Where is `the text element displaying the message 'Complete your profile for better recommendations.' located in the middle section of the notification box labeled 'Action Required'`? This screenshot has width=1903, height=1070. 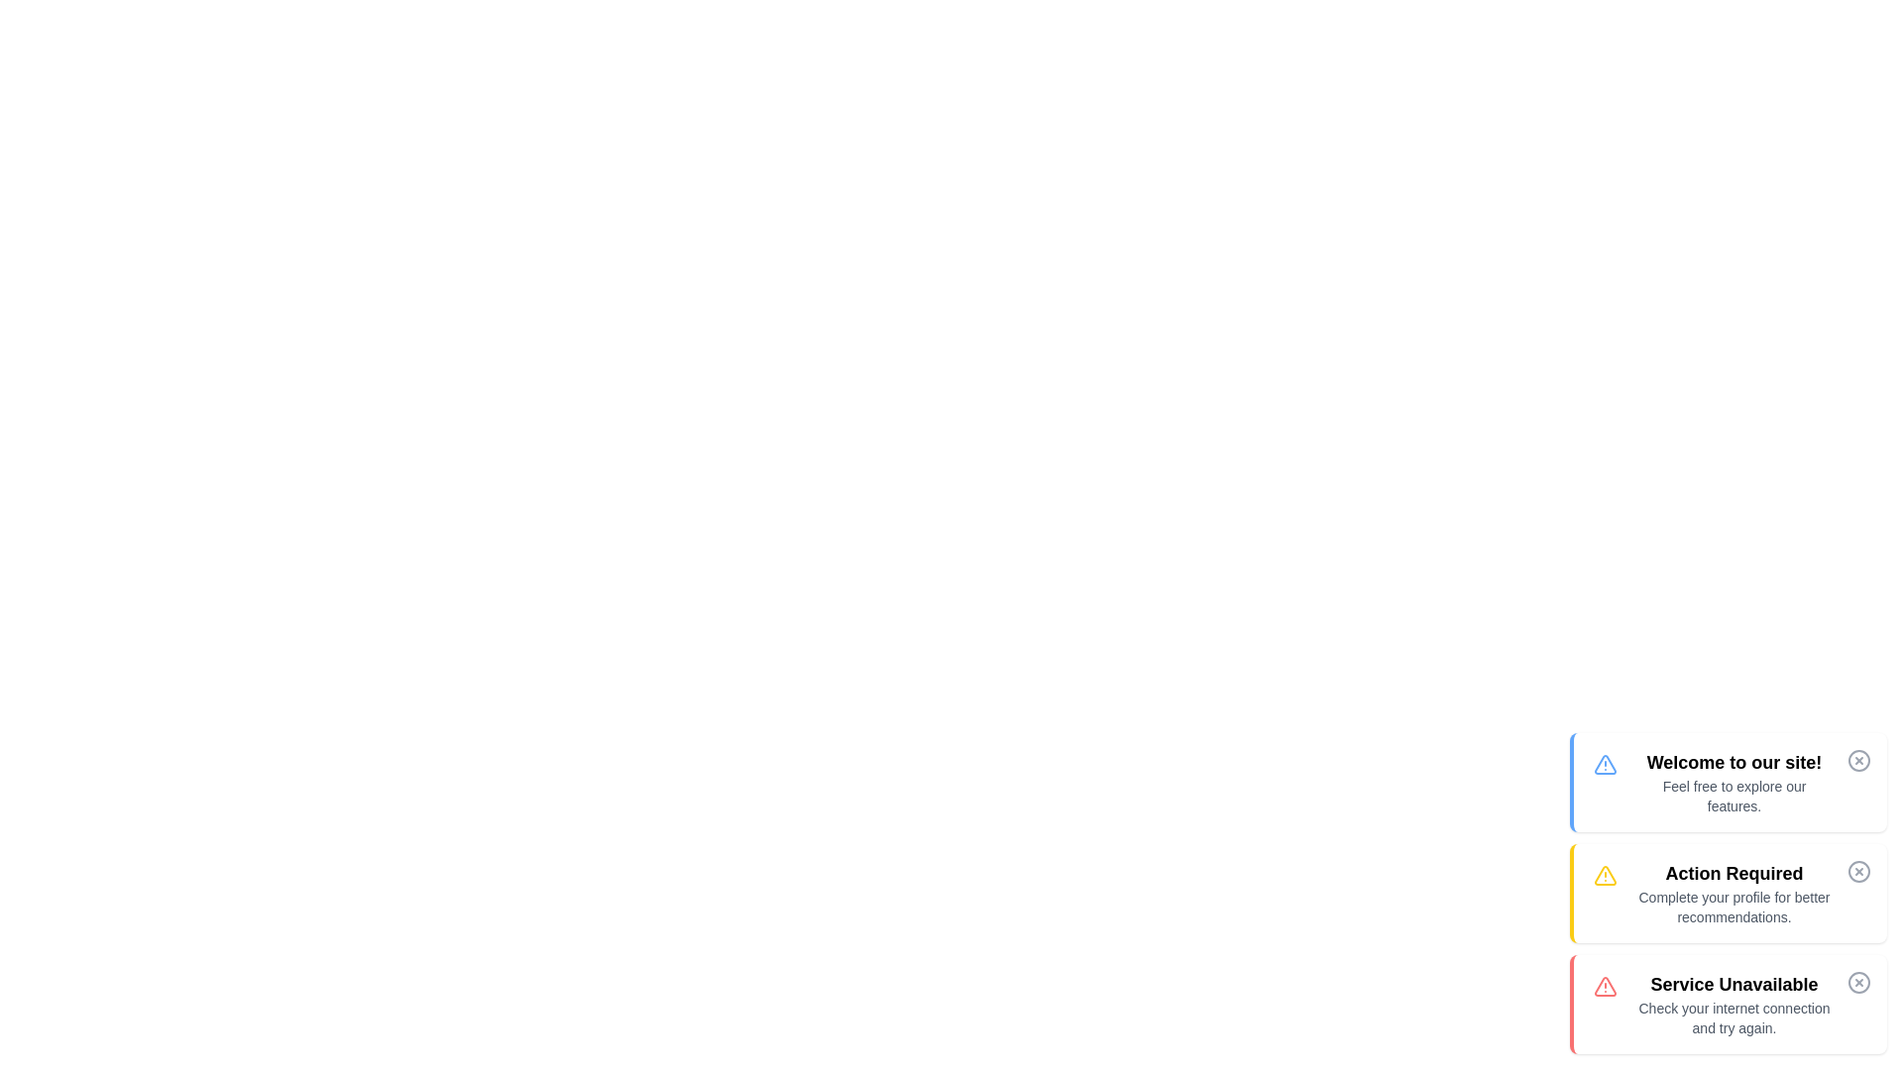 the text element displaying the message 'Complete your profile for better recommendations.' located in the middle section of the notification box labeled 'Action Required' is located at coordinates (1734, 907).